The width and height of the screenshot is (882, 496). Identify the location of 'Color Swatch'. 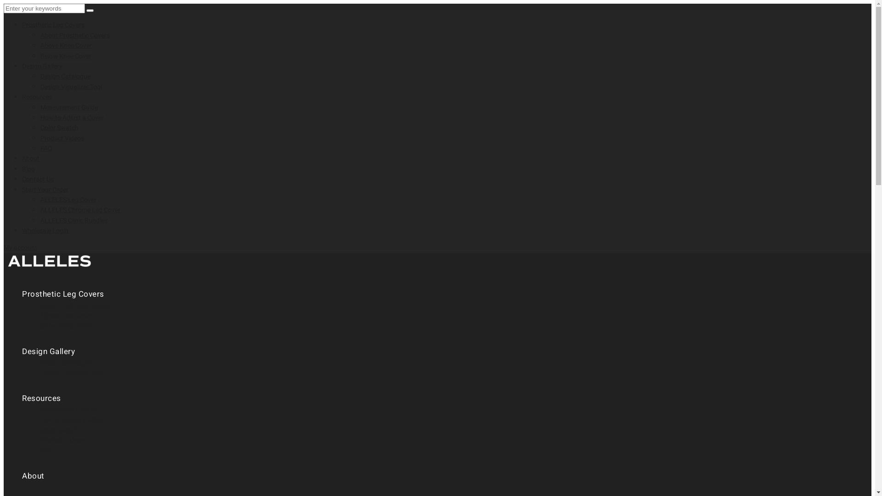
(59, 128).